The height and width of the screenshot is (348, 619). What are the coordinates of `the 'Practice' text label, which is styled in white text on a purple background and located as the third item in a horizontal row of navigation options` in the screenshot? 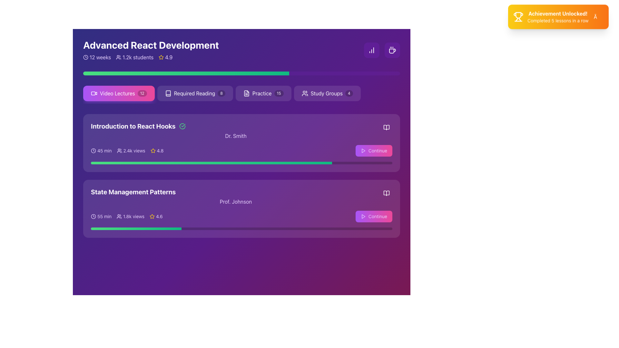 It's located at (262, 93).